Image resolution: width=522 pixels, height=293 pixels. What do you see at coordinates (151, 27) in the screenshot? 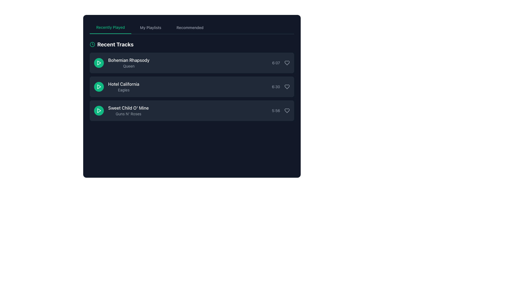
I see `the navigation button labeled 'My Playlists'` at bounding box center [151, 27].